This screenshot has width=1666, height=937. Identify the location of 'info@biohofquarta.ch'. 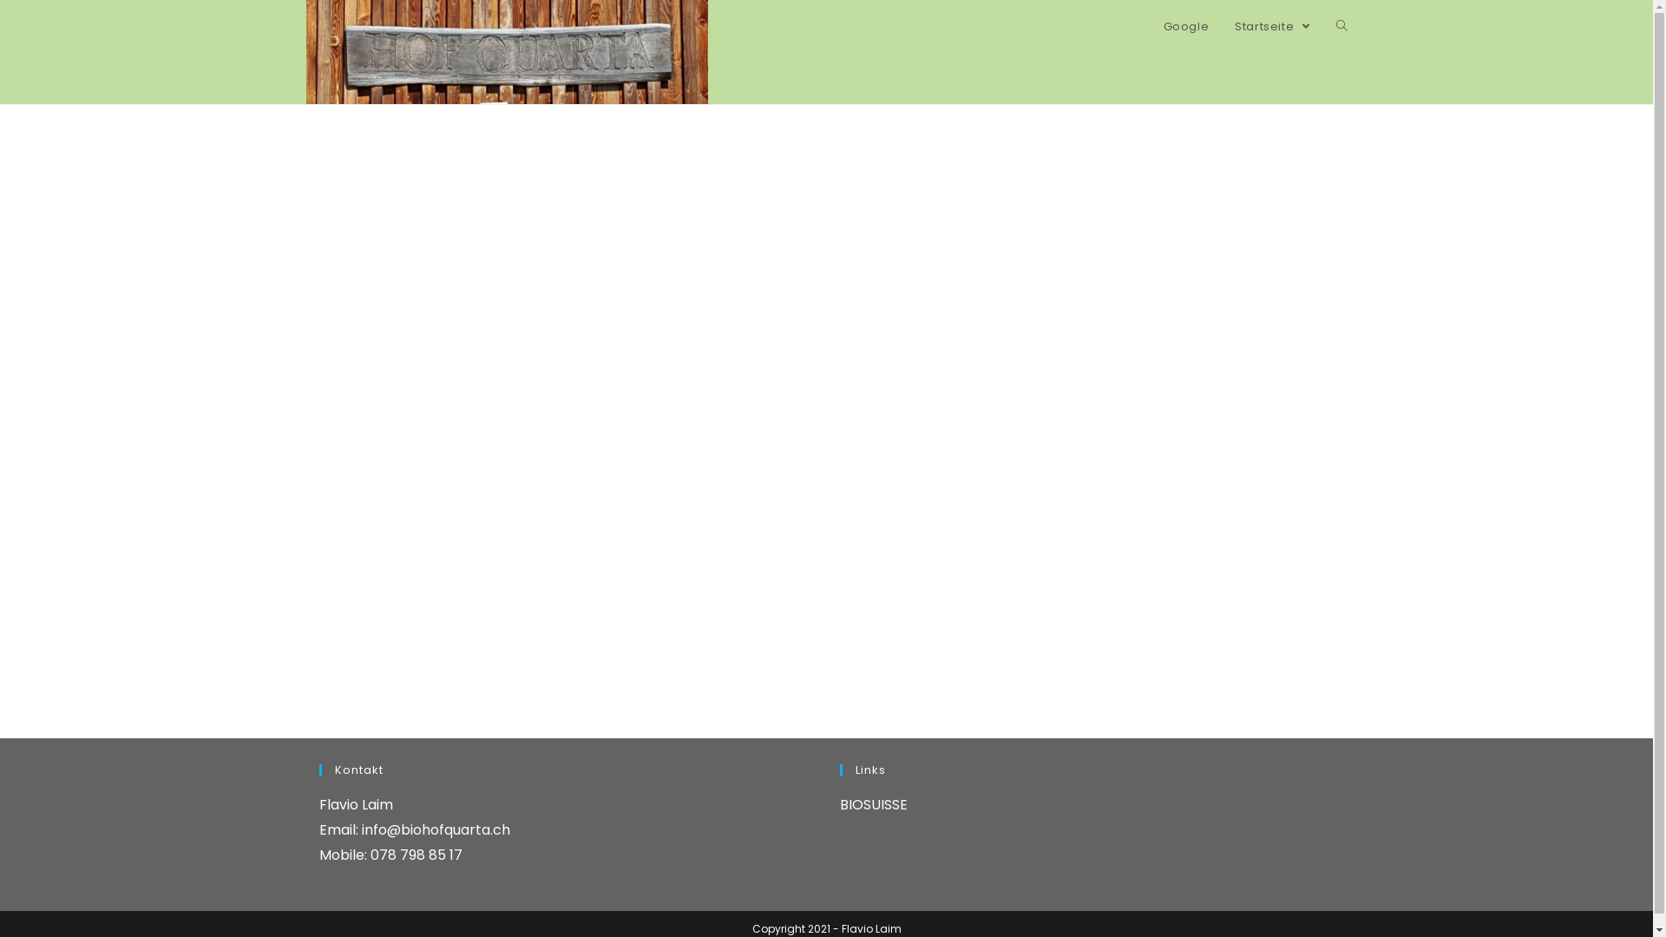
(435, 829).